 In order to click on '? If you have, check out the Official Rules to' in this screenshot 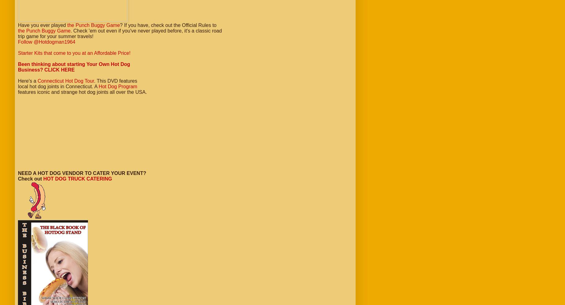, I will do `click(168, 25)`.